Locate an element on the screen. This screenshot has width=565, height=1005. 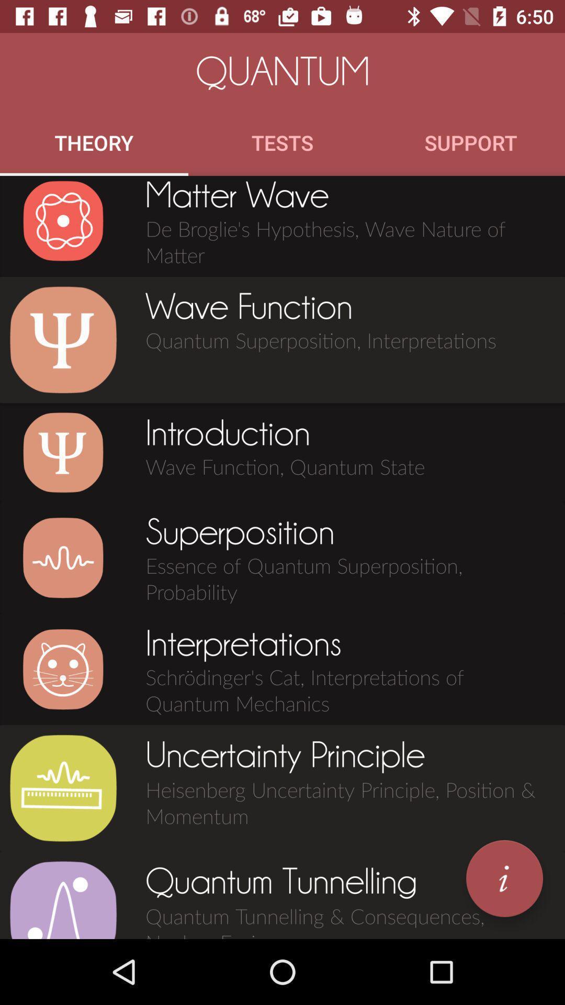
quantum tunnelling is located at coordinates (63, 899).